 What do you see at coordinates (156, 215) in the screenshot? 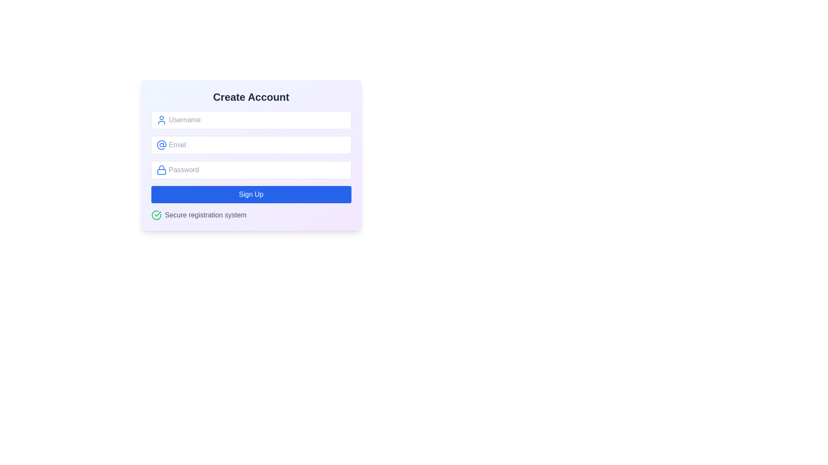
I see `the checkmark icon which confirms the success of the secure registration system, located to the left of the text 'Secure registration system'` at bounding box center [156, 215].